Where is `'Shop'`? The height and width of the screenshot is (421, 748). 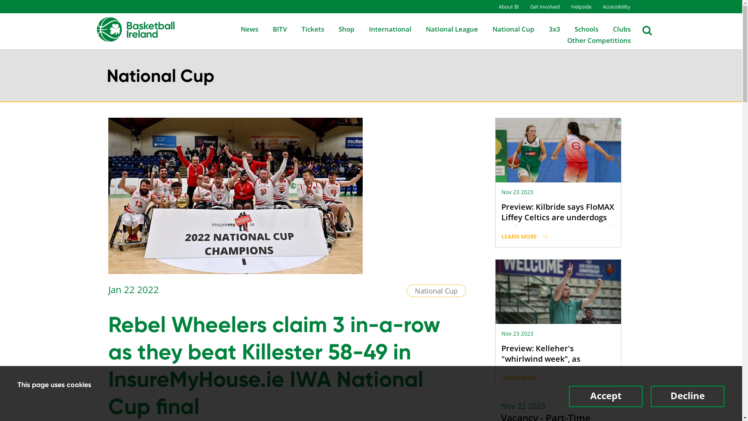
'Shop' is located at coordinates (339, 28).